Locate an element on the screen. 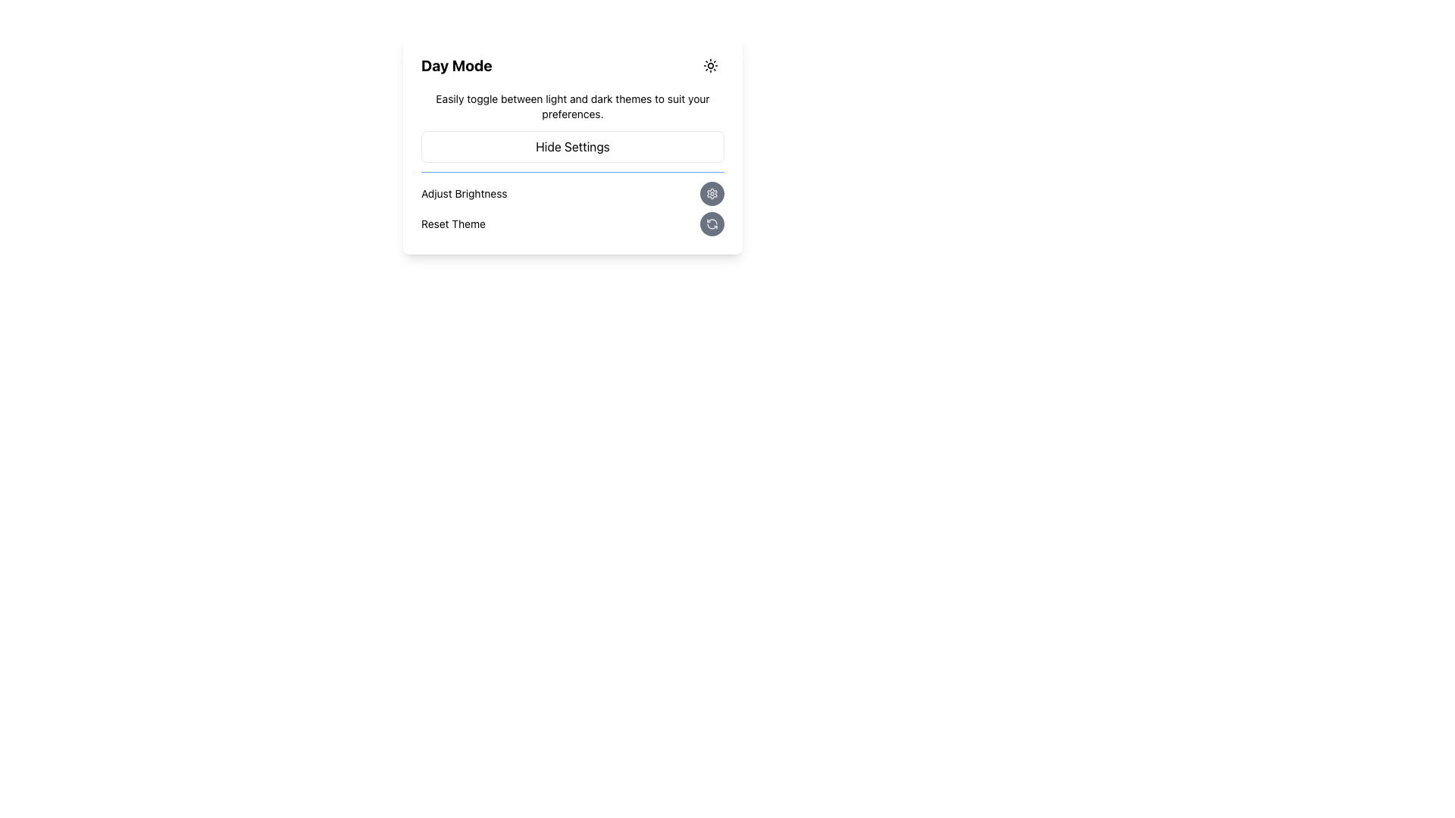  the 'Adjust Brightness' label that is styled with a plain appearance, located under the 'Day Mode' header and aligned to the left of the 'Hide Settings' button is located at coordinates (463, 192).